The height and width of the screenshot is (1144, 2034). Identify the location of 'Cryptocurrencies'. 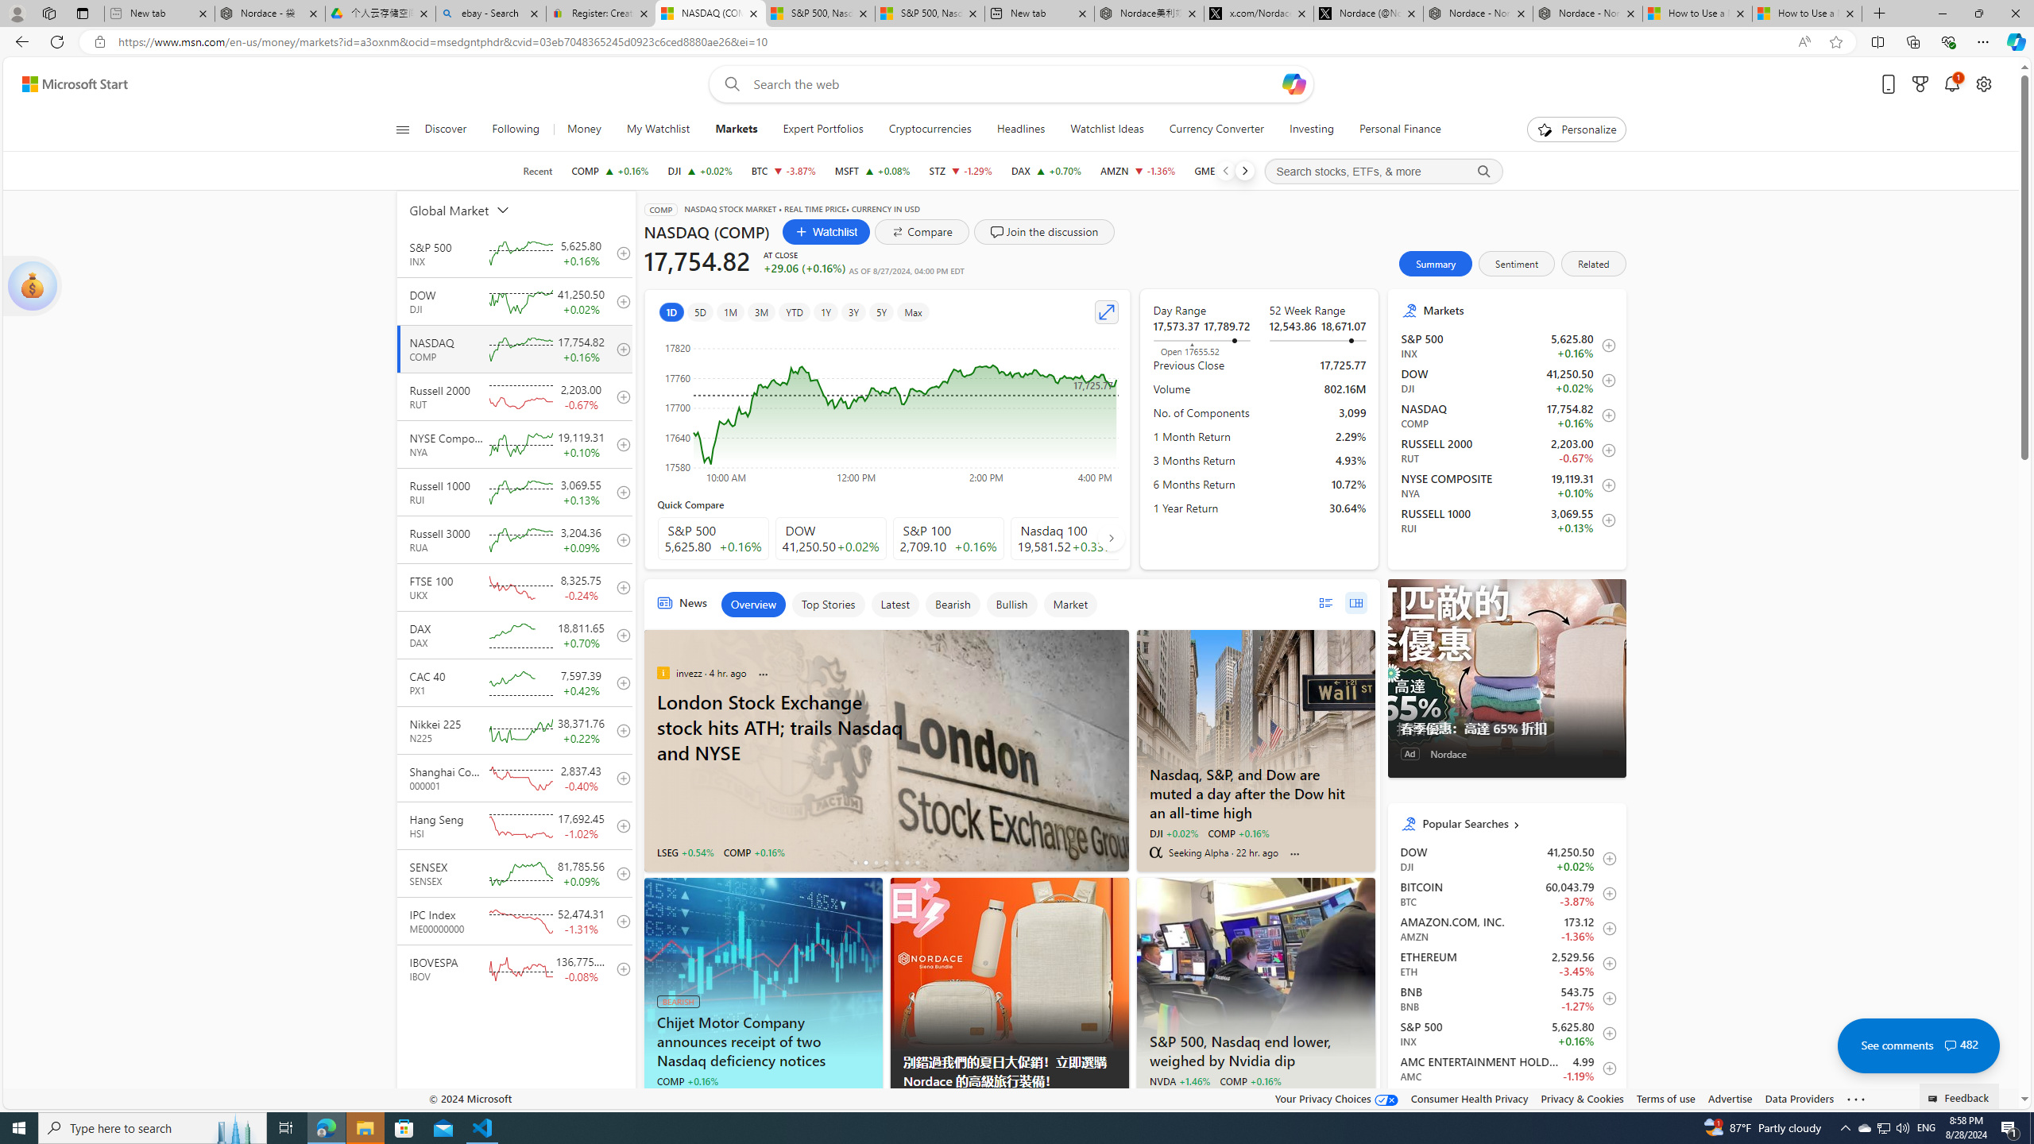
(930, 129).